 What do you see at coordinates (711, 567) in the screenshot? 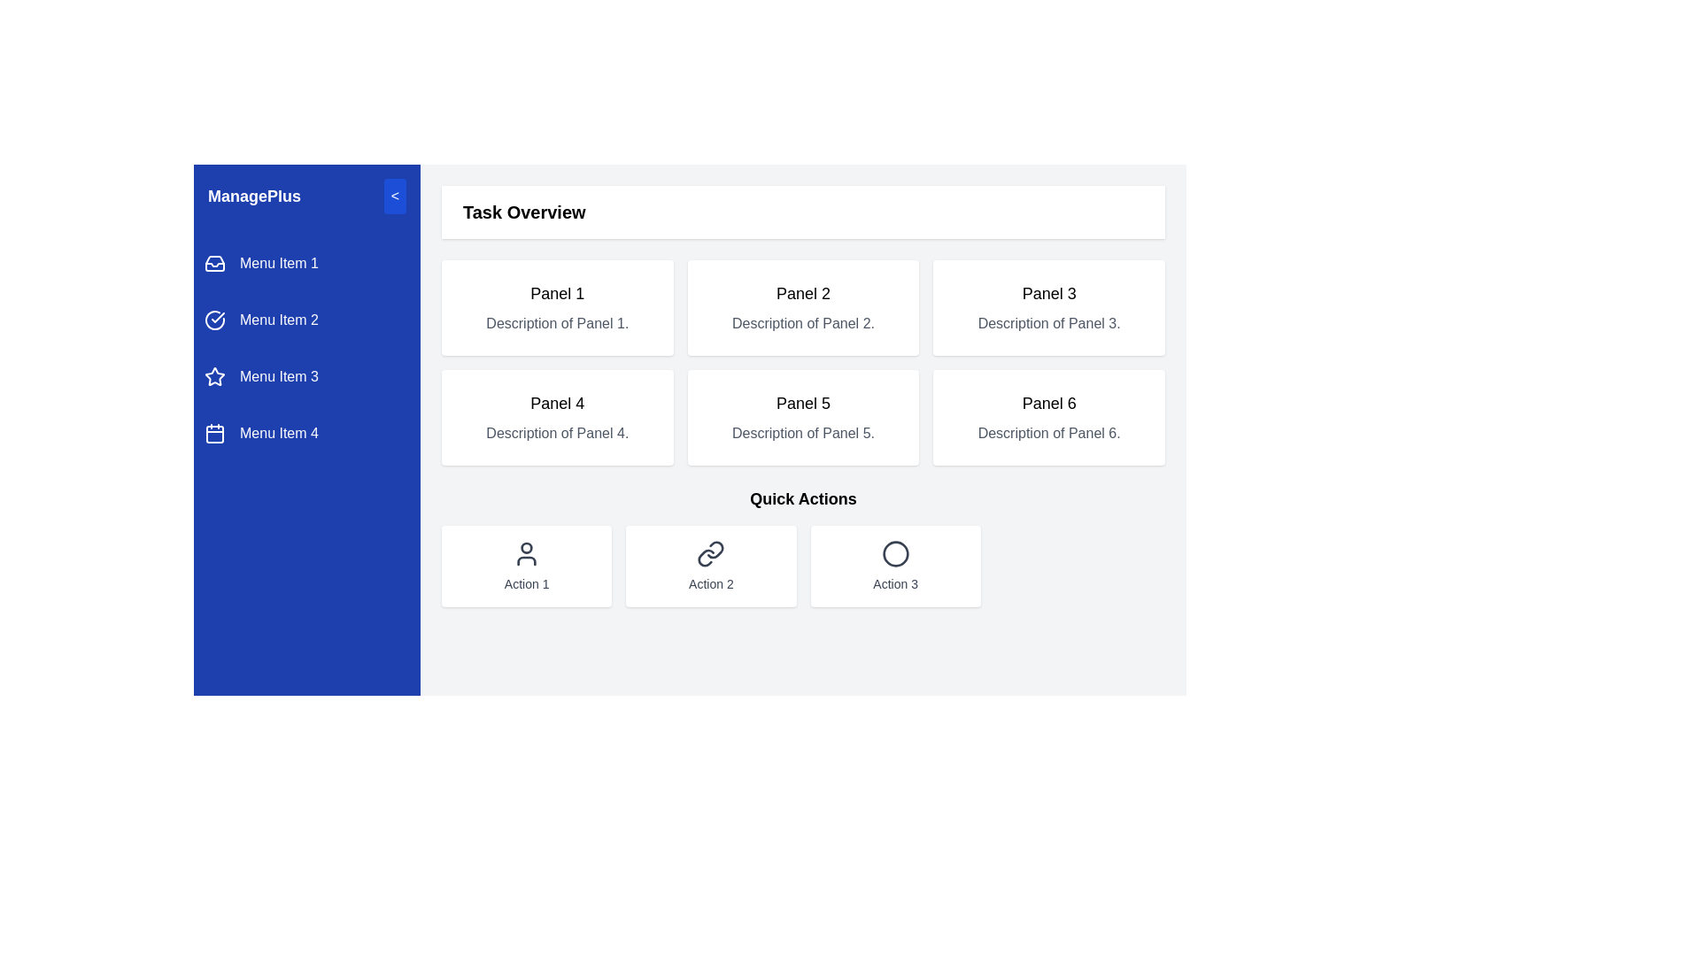
I see `the 'Action 2' button, which is a rectangular button with a white background, rounded corners, and a link icon above the text label in gray font, located in the center of the 'Quick Actions' section` at bounding box center [711, 567].